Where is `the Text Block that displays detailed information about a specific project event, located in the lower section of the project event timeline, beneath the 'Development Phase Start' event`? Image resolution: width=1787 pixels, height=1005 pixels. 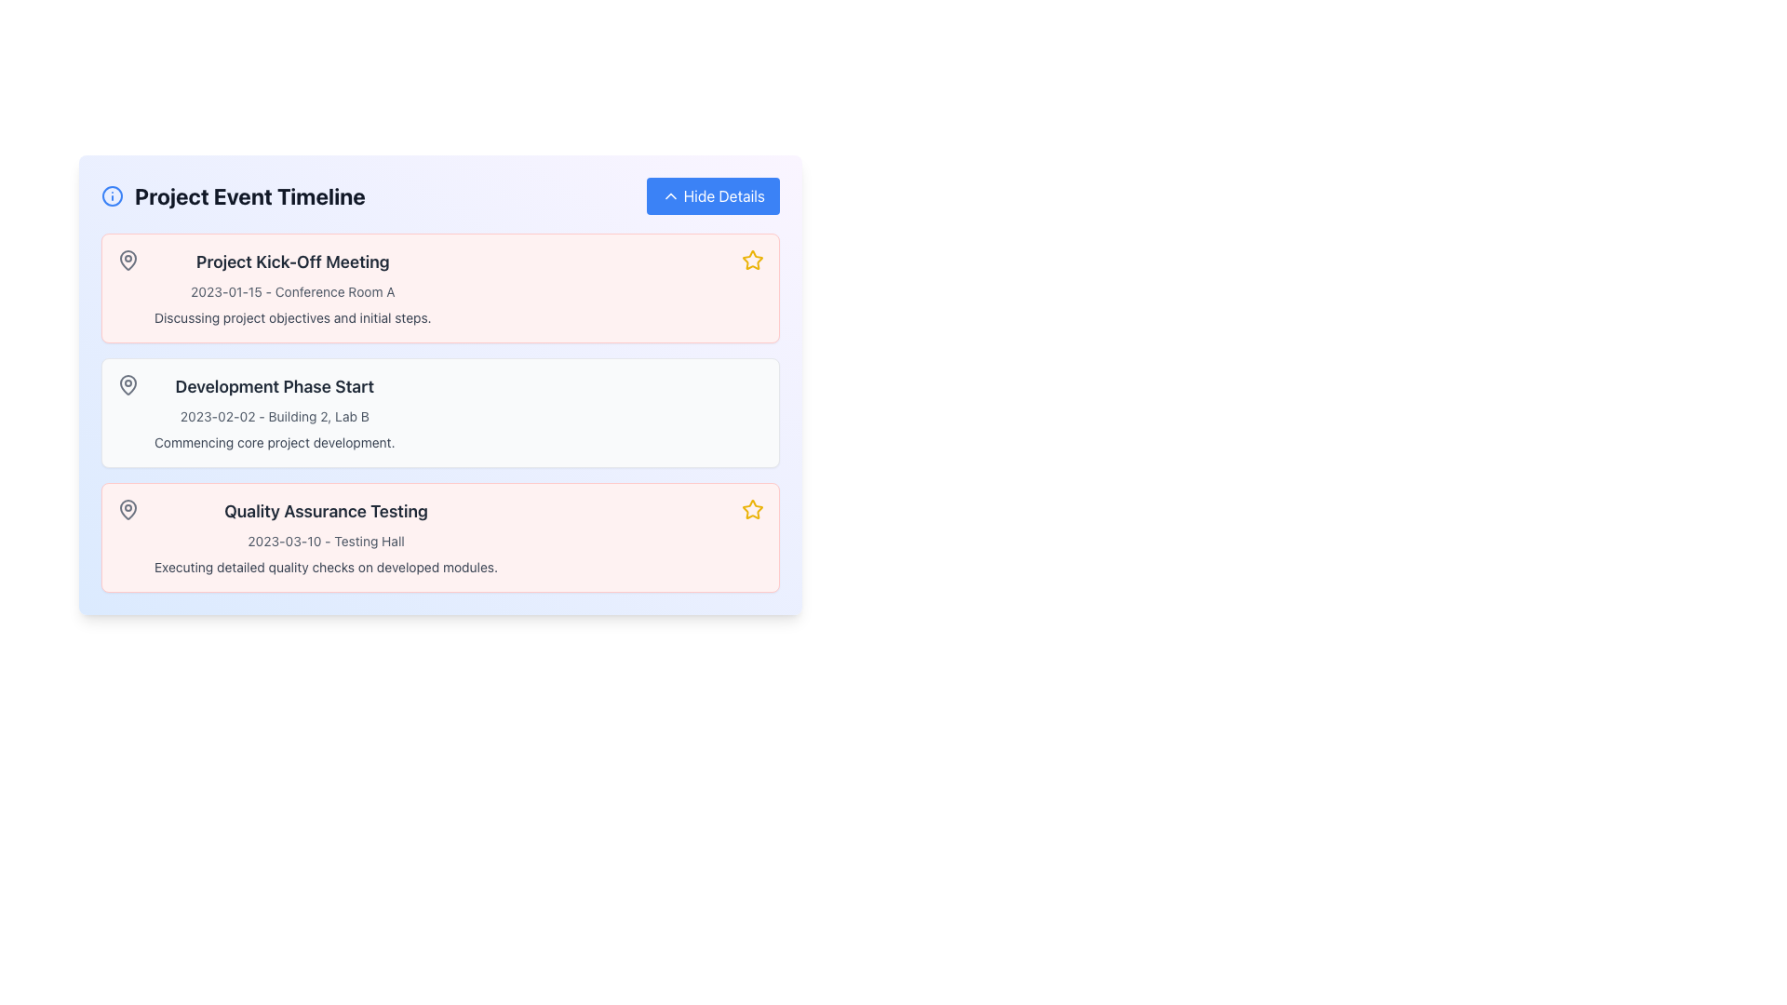
the Text Block that displays detailed information about a specific project event, located in the lower section of the project event timeline, beneath the 'Development Phase Start' event is located at coordinates (326, 538).